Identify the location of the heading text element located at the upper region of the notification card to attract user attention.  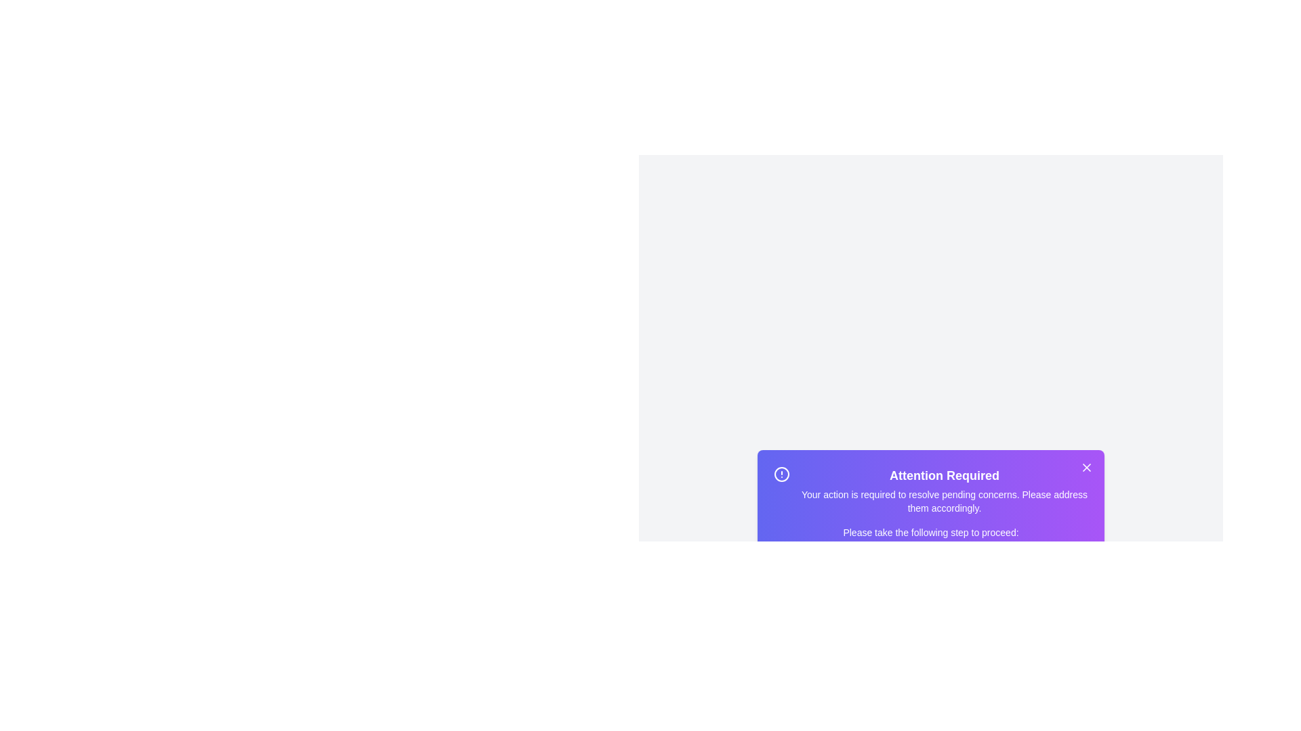
(943, 474).